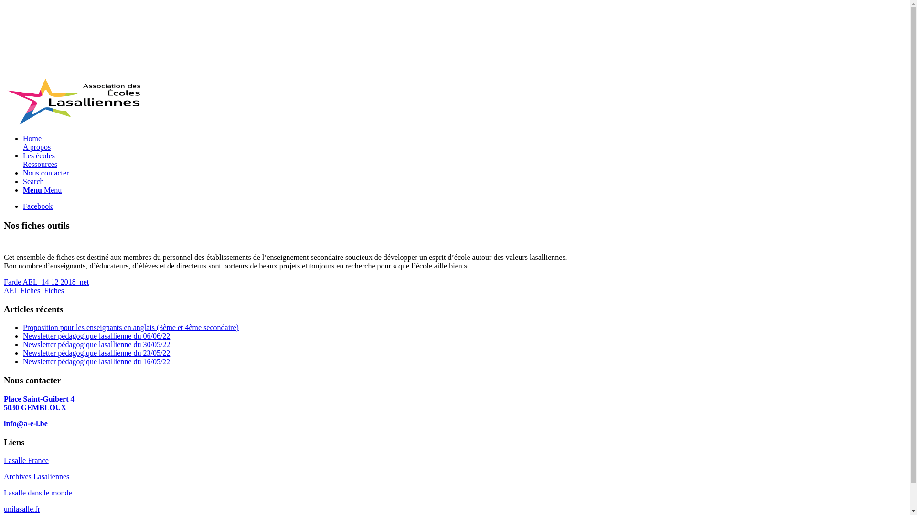  What do you see at coordinates (25, 423) in the screenshot?
I see `'info@a-e-l.be'` at bounding box center [25, 423].